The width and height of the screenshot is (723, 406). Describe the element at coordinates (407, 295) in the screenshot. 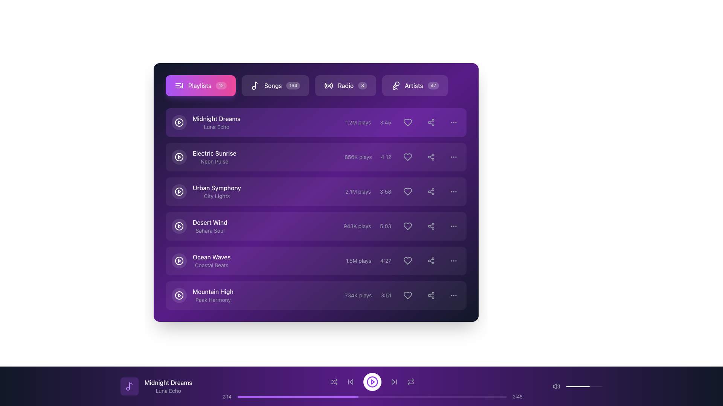

I see `the heart-shaped icon button to favorite the song 'Mountain High' by 'Peak Harmony' located at the right end of the playlist entry` at that location.